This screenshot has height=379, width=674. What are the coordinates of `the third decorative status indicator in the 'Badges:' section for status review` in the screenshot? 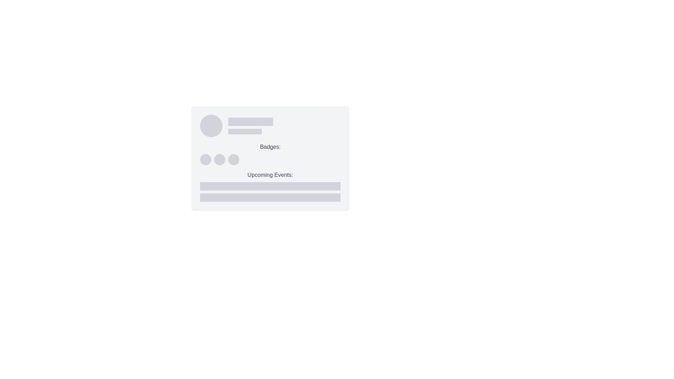 It's located at (234, 160).